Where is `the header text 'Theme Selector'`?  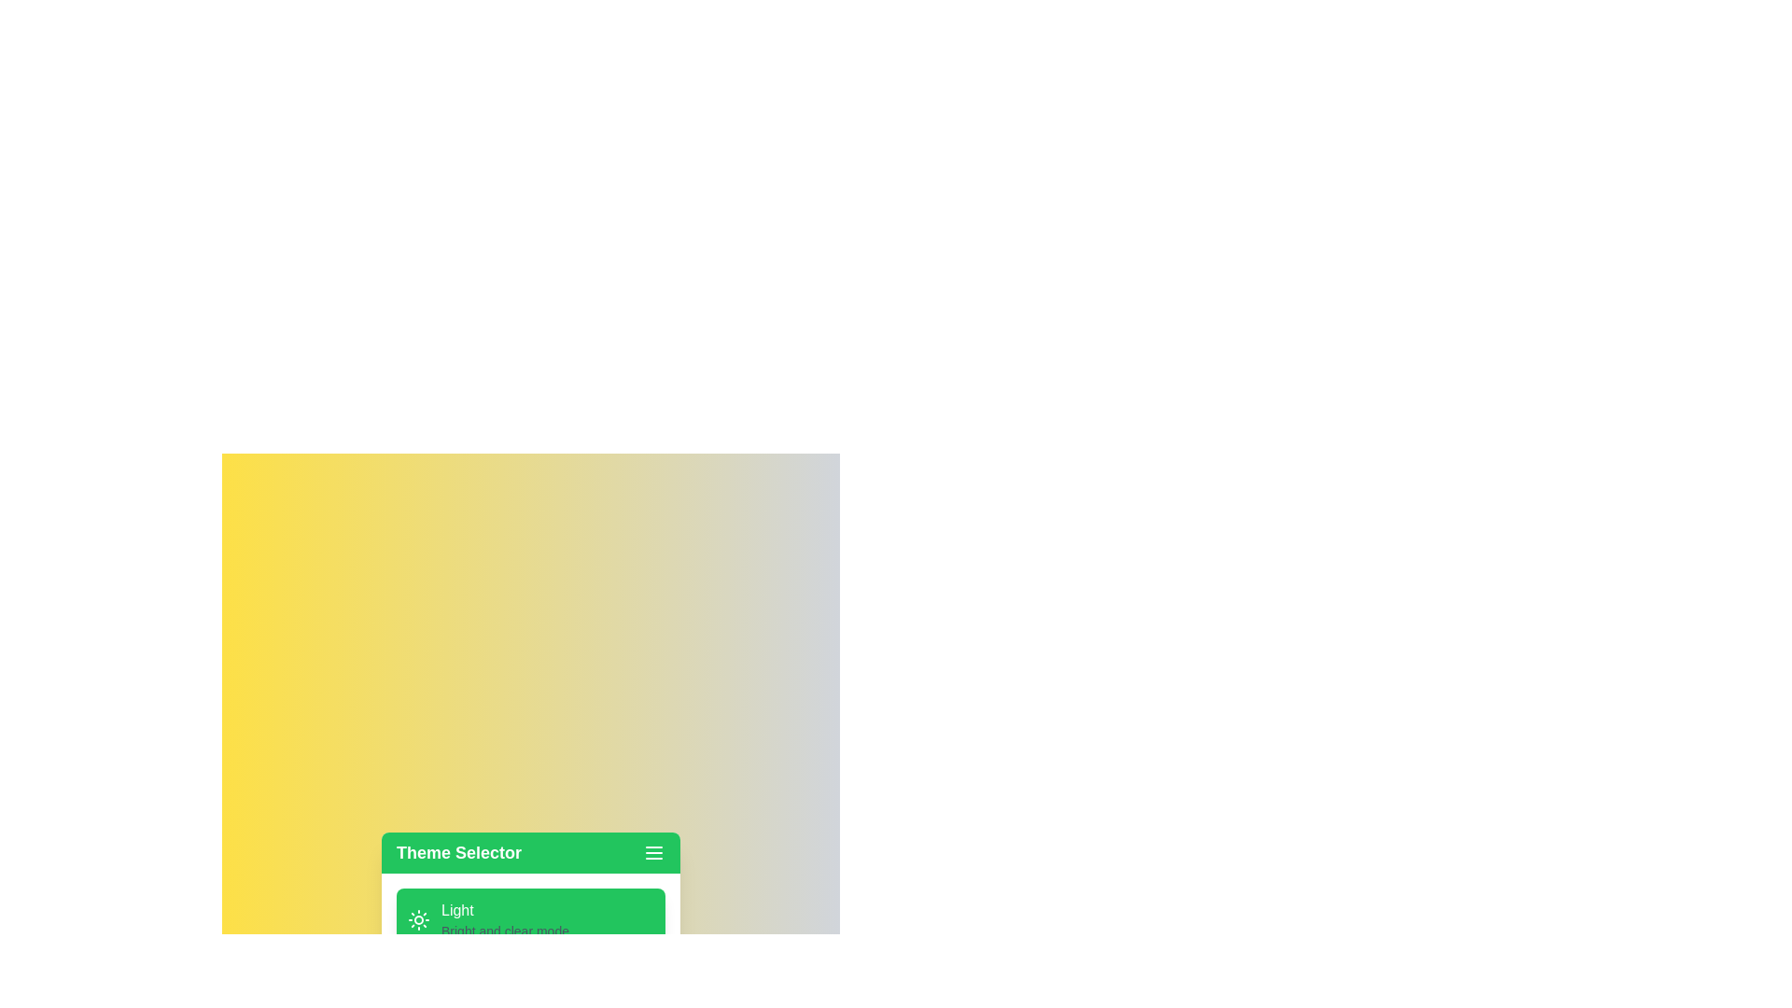 the header text 'Theme Selector' is located at coordinates (458, 853).